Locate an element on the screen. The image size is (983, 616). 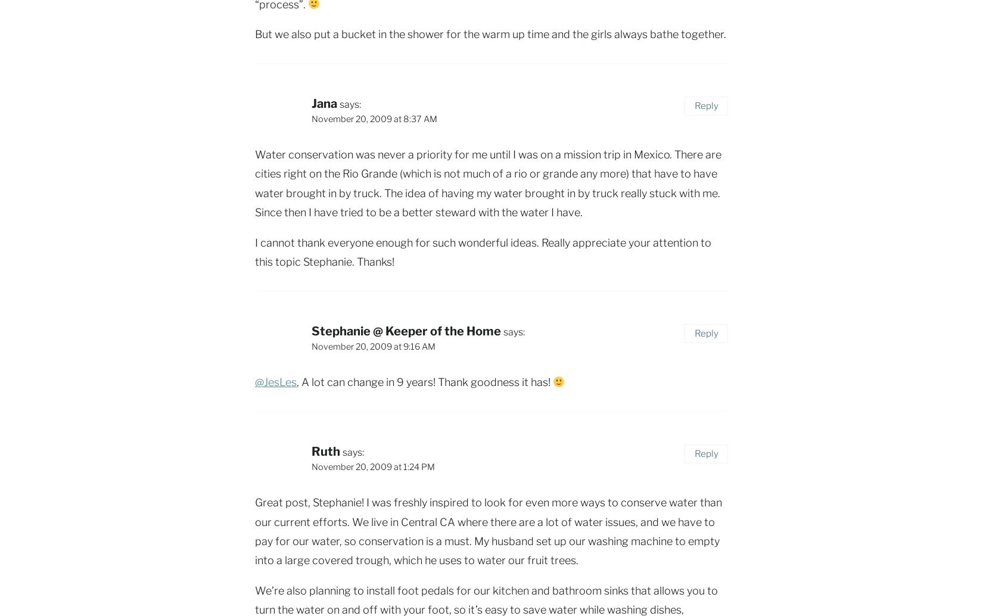
'I cannot thank everyone enough for such wonderful ideas.  Really appreciate your attention to this topic Stephanie.  Thanks!' is located at coordinates (254, 251).